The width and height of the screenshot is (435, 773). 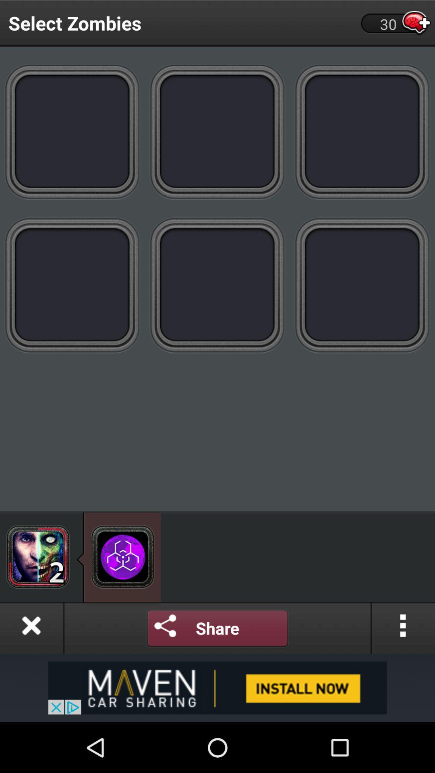 I want to click on zombie, so click(x=217, y=131).